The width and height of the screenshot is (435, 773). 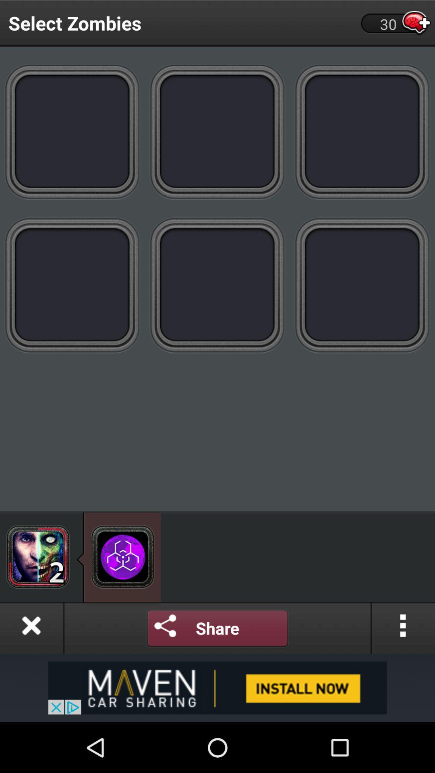 I want to click on zombie, so click(x=217, y=131).